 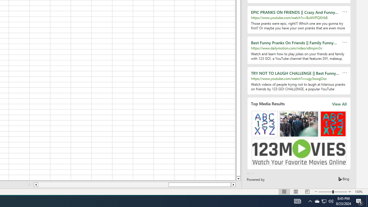 I want to click on 'Line down', so click(x=238, y=179).